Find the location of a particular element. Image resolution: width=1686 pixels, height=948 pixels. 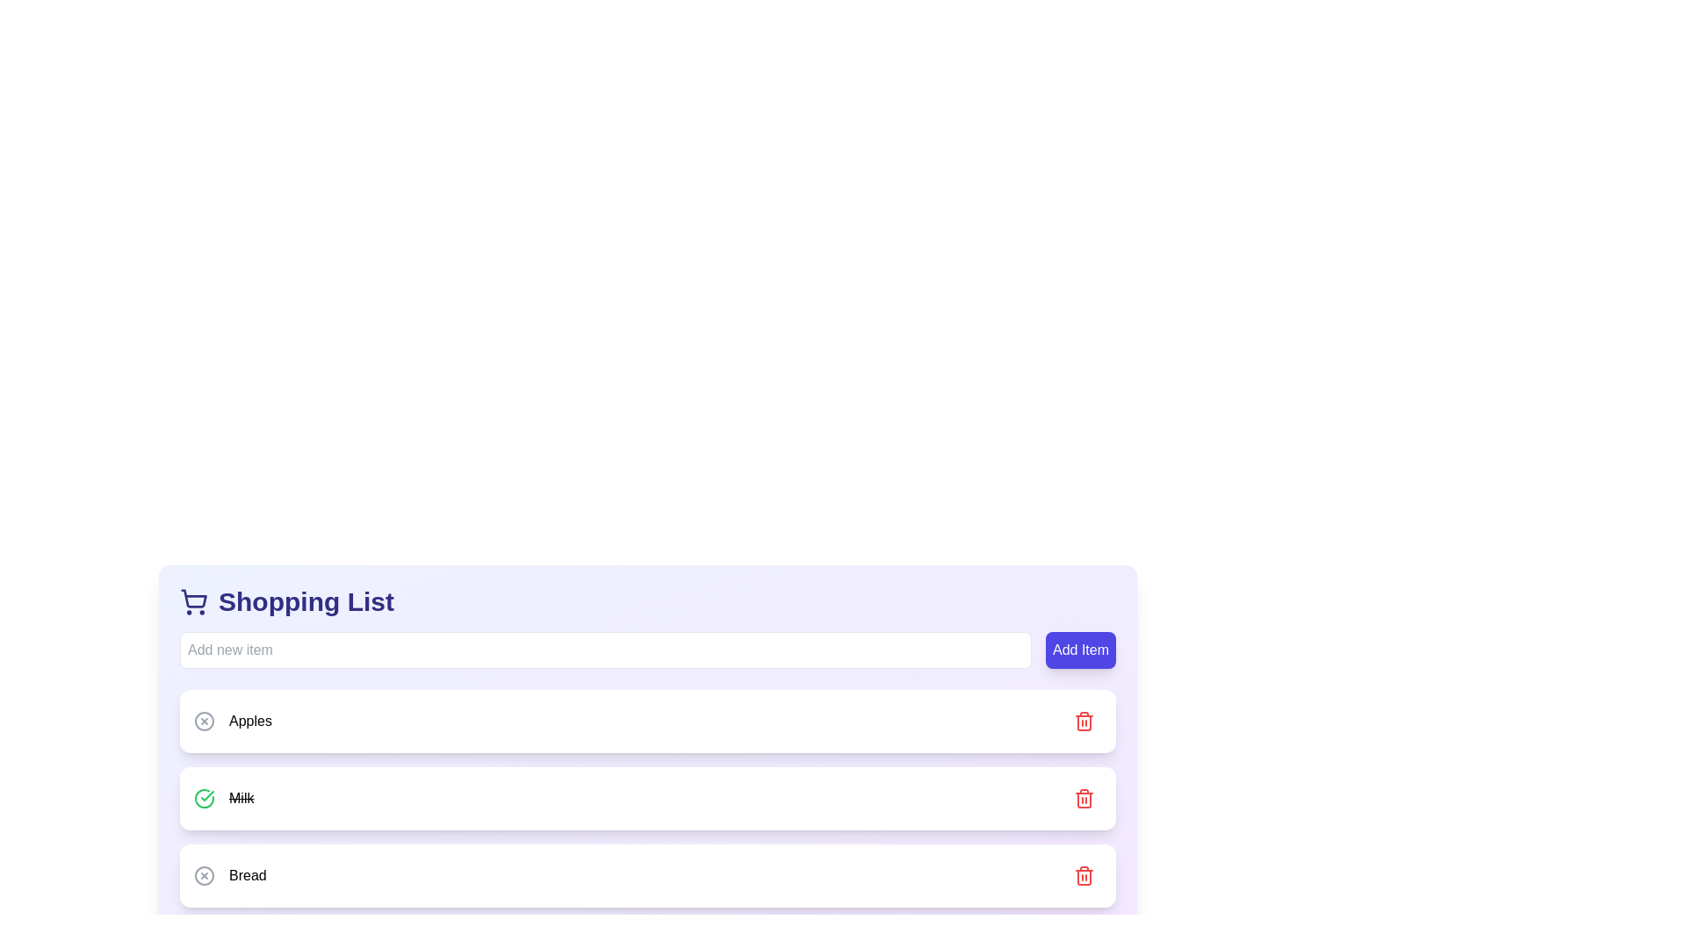

the shopping basket icon filled with items located at the top left of the shopping cart SVG design in the header section of the interface is located at coordinates (194, 598).